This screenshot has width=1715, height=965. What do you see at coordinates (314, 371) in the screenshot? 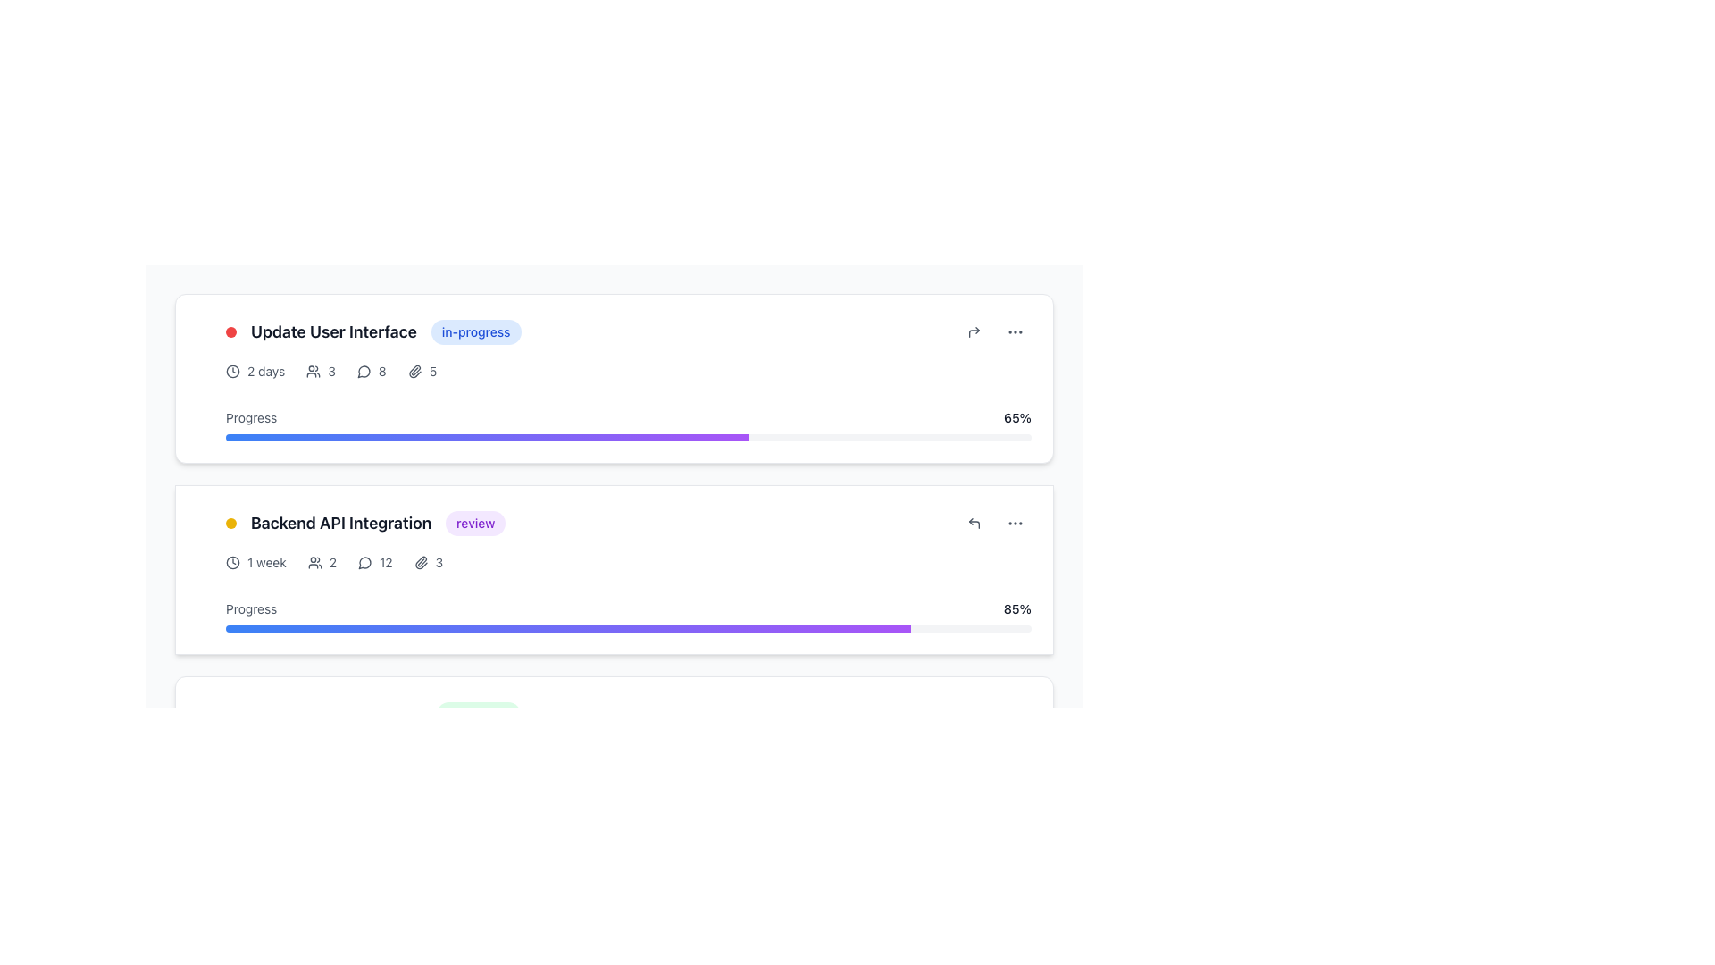
I see `the user-related icon that indicates the number of individuals associated with the task, located before the numeric display '3' in a task card layout` at bounding box center [314, 371].